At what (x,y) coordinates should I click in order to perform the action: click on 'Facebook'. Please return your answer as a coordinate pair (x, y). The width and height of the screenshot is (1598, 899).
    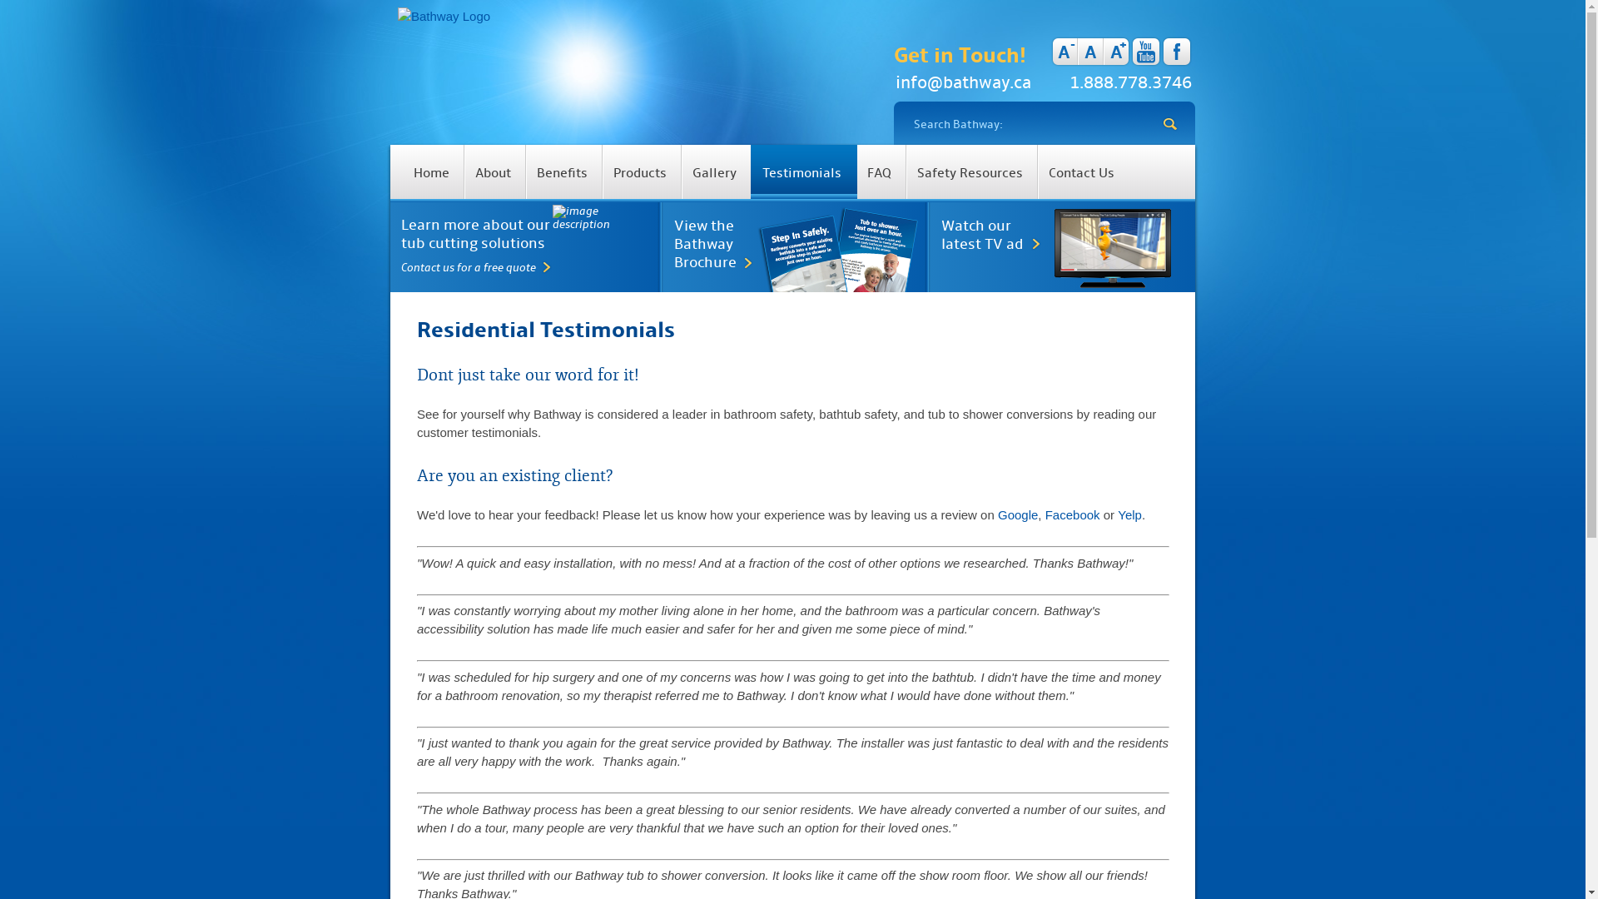
    Looking at the image, I should click on (1073, 514).